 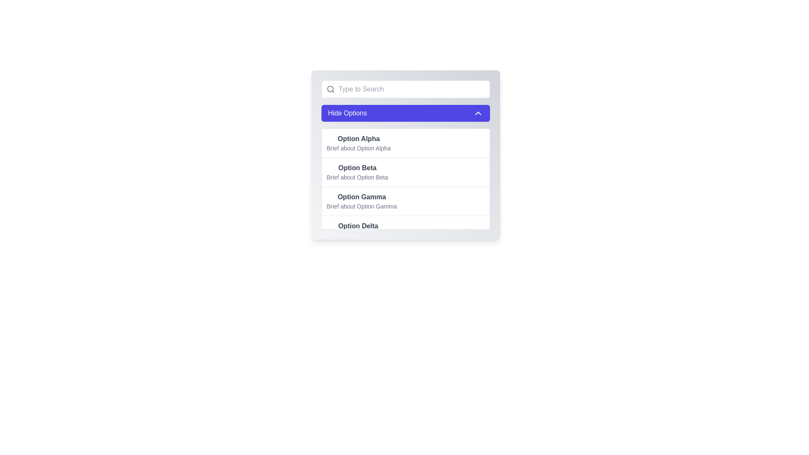 What do you see at coordinates (478, 113) in the screenshot?
I see `the toggle arrow located to the right of the 'Hide Options' button` at bounding box center [478, 113].